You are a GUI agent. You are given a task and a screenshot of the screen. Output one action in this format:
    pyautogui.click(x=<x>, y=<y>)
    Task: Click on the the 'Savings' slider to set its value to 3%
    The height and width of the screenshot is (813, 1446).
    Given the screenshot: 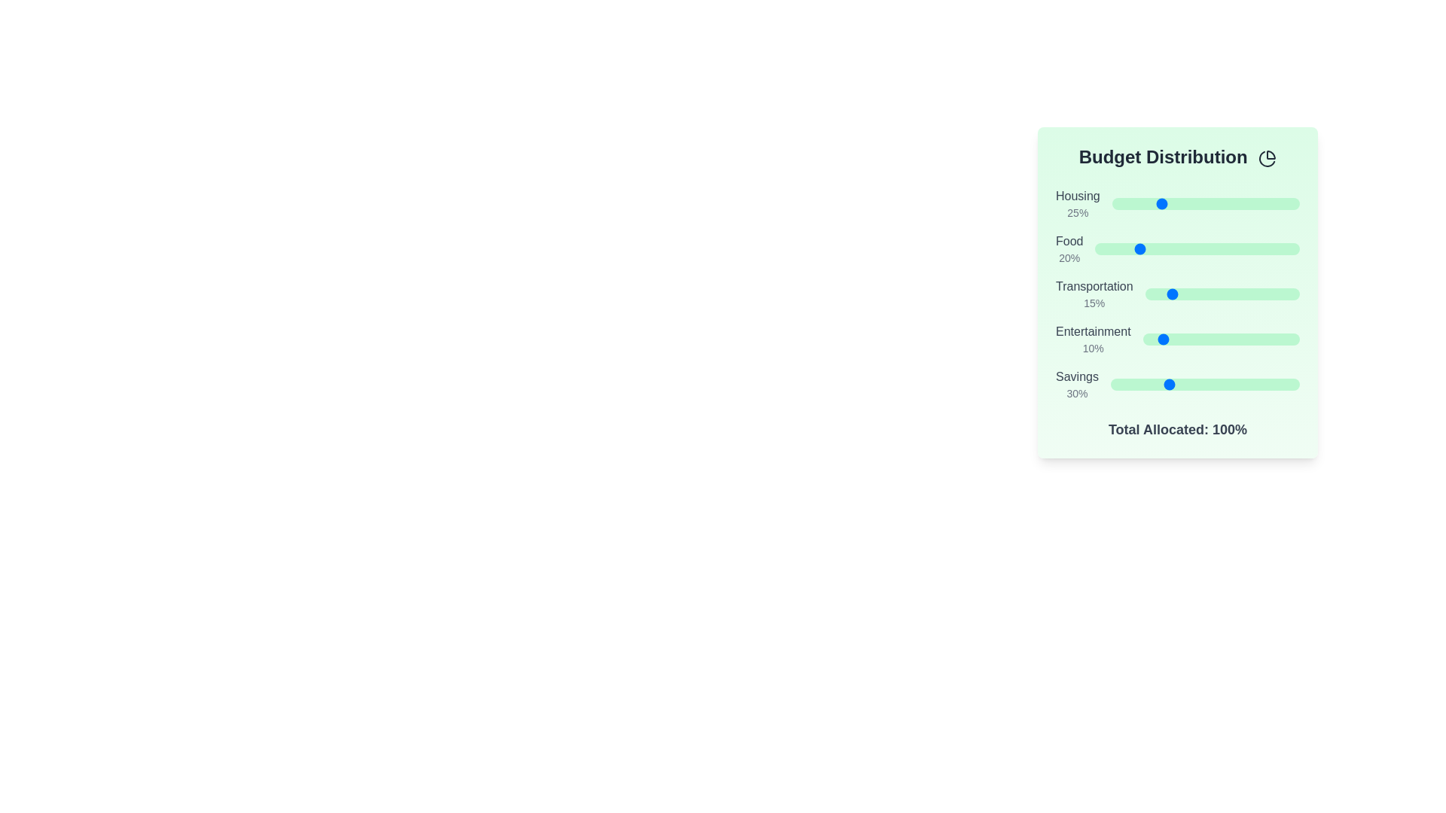 What is the action you would take?
    pyautogui.click(x=1116, y=383)
    